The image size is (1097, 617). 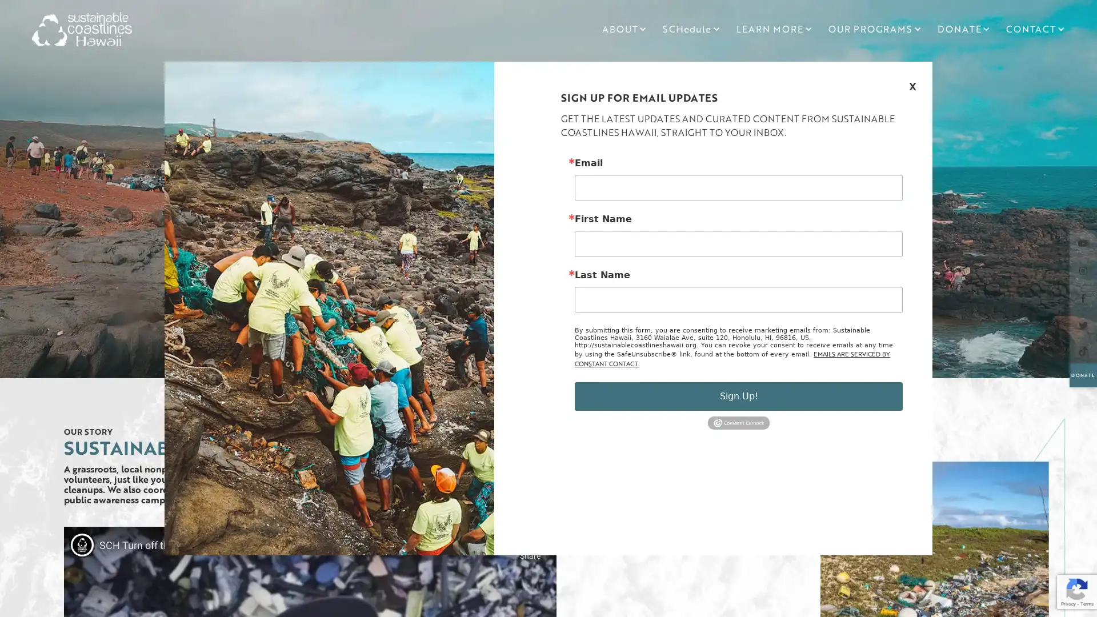 I want to click on Sign Up!, so click(x=738, y=396).